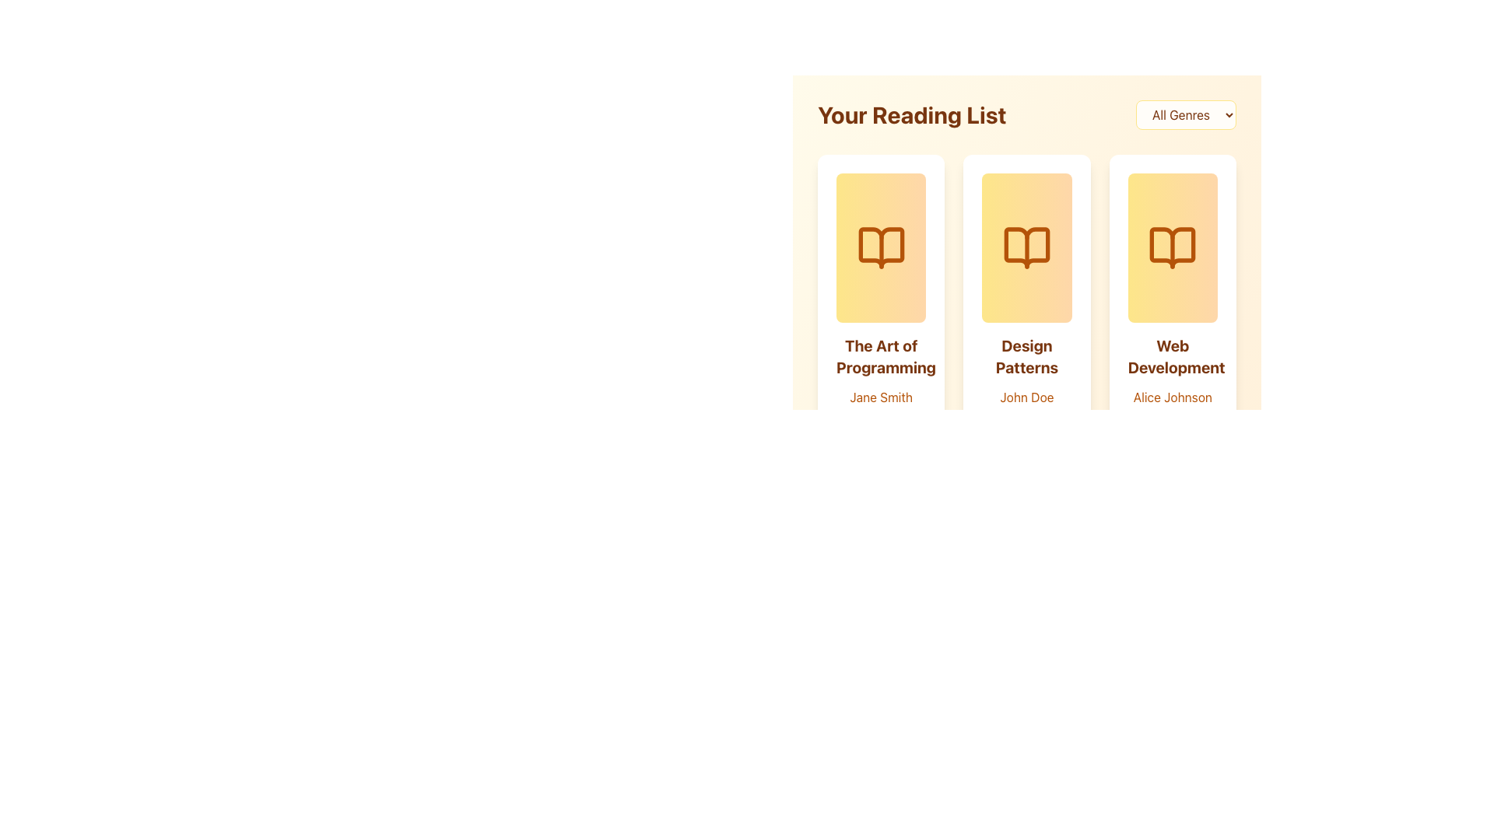  What do you see at coordinates (1027, 247) in the screenshot?
I see `the second card in the 'Your Reading List' section, which features a gradient background and a centered open book icon` at bounding box center [1027, 247].